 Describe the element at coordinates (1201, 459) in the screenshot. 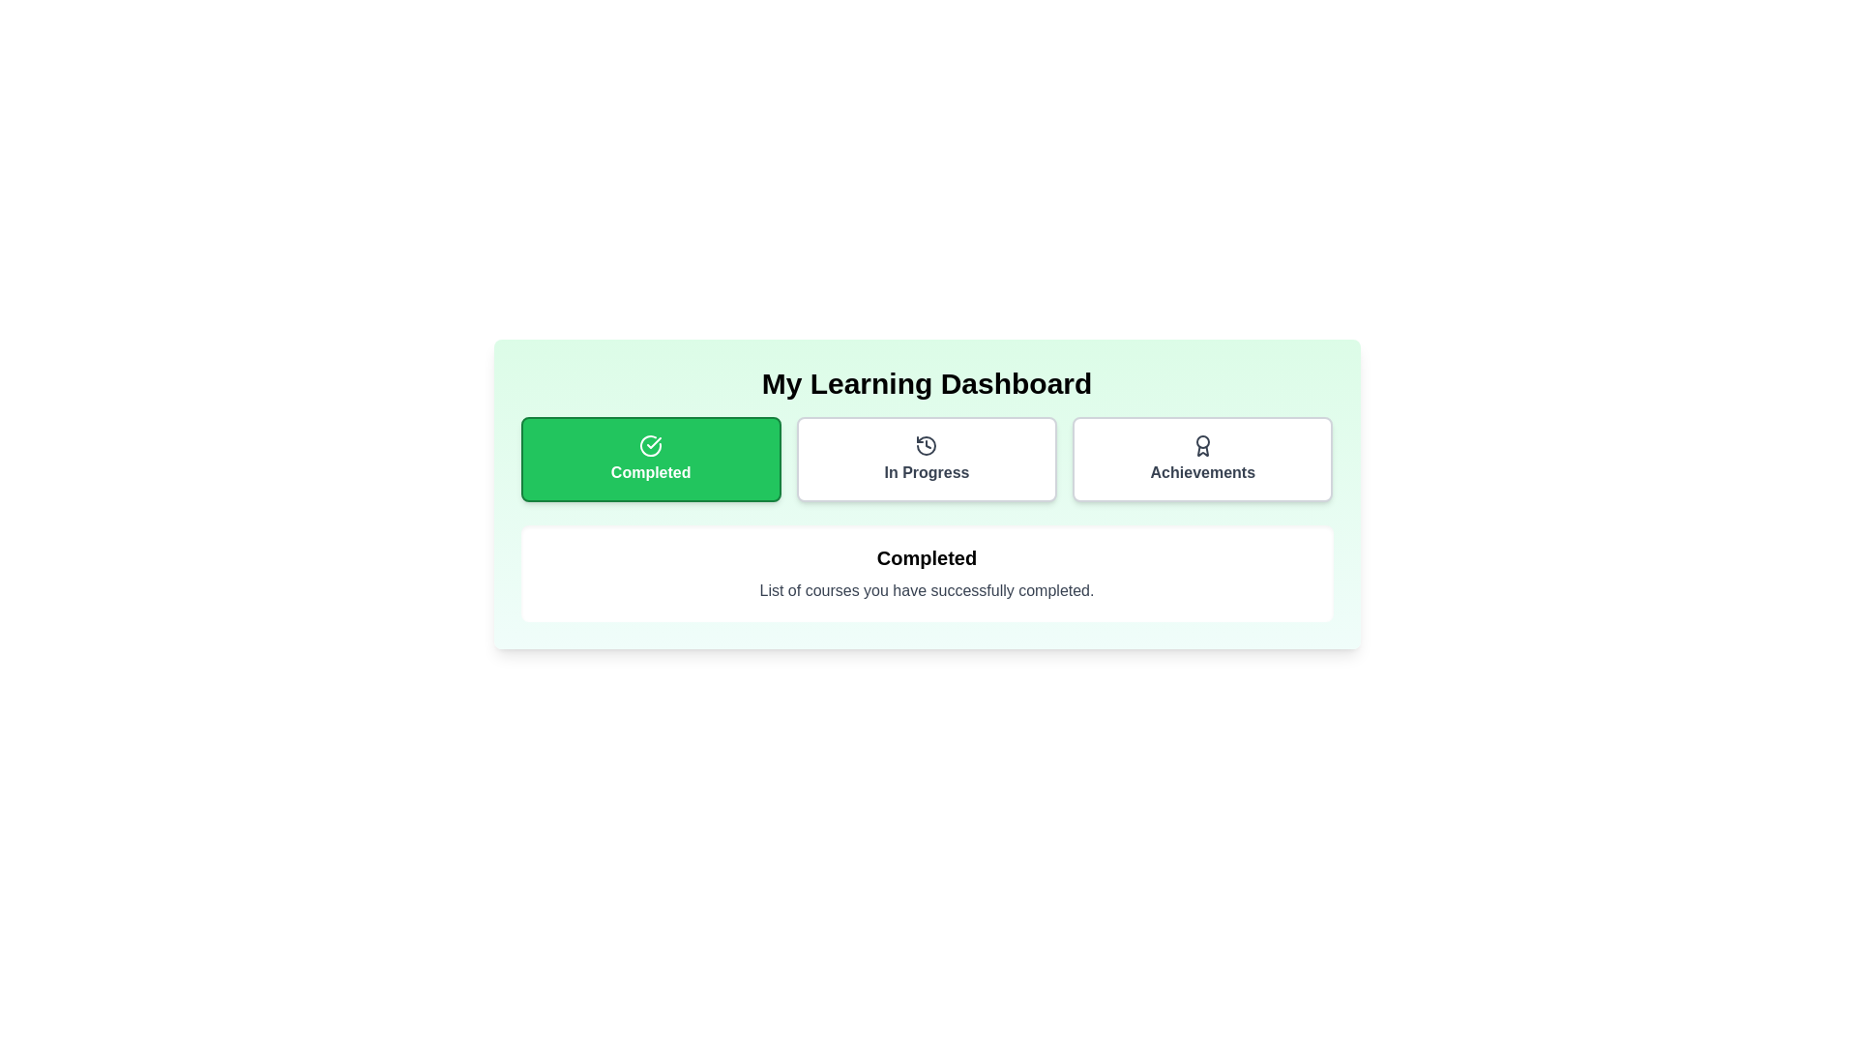

I see `the Achievements tab by clicking on it` at that location.